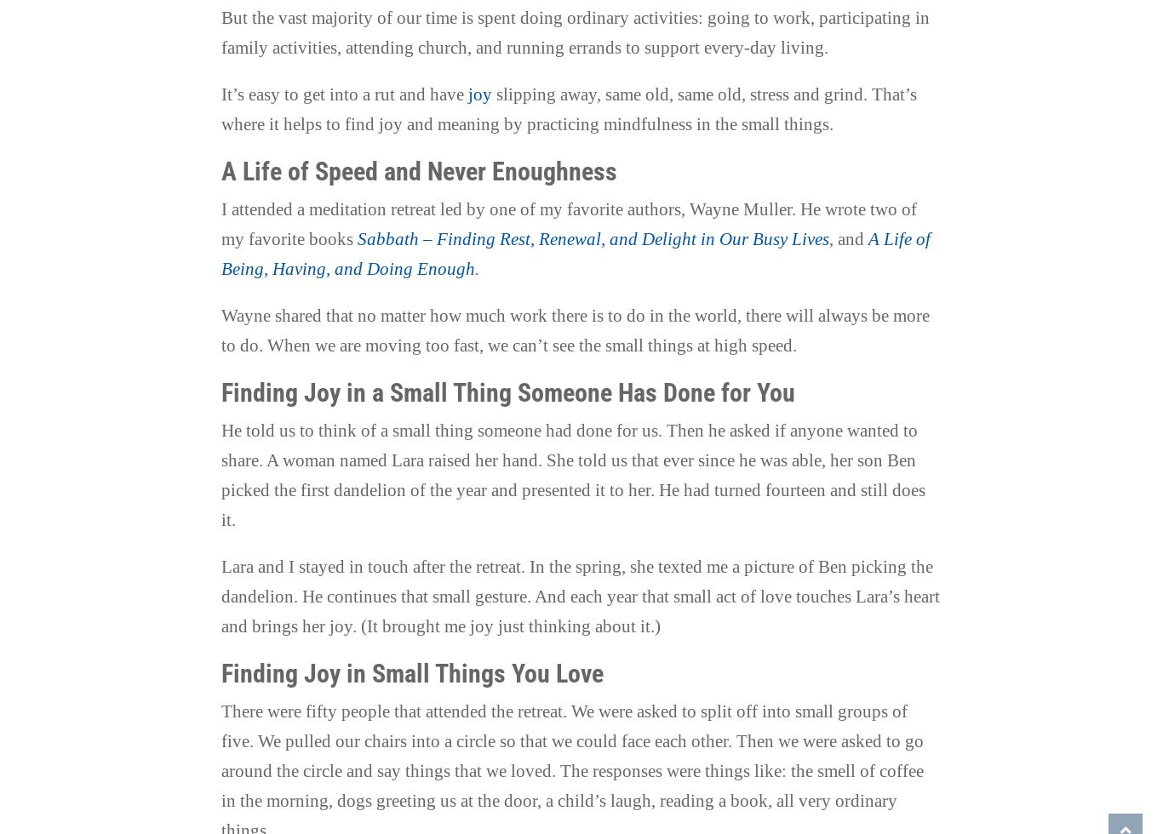 This screenshot has height=834, width=1163. Describe the element at coordinates (343, 94) in the screenshot. I see `'It’s easy to get into a rut and have'` at that location.